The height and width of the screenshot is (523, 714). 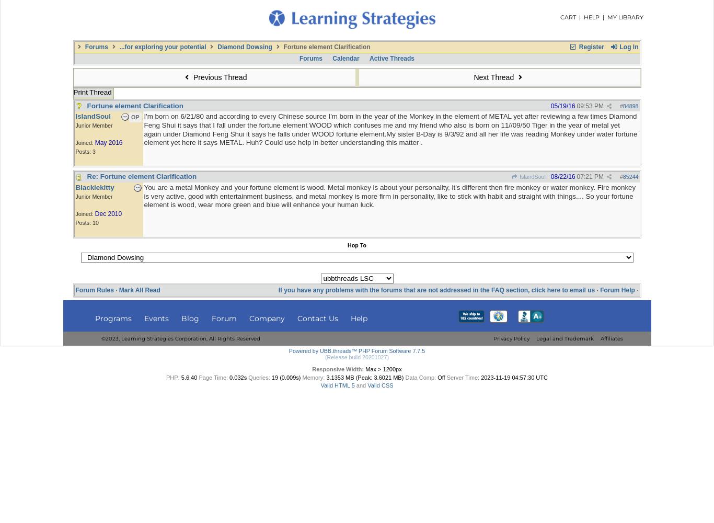 What do you see at coordinates (135, 117) in the screenshot?
I see `'OP'` at bounding box center [135, 117].